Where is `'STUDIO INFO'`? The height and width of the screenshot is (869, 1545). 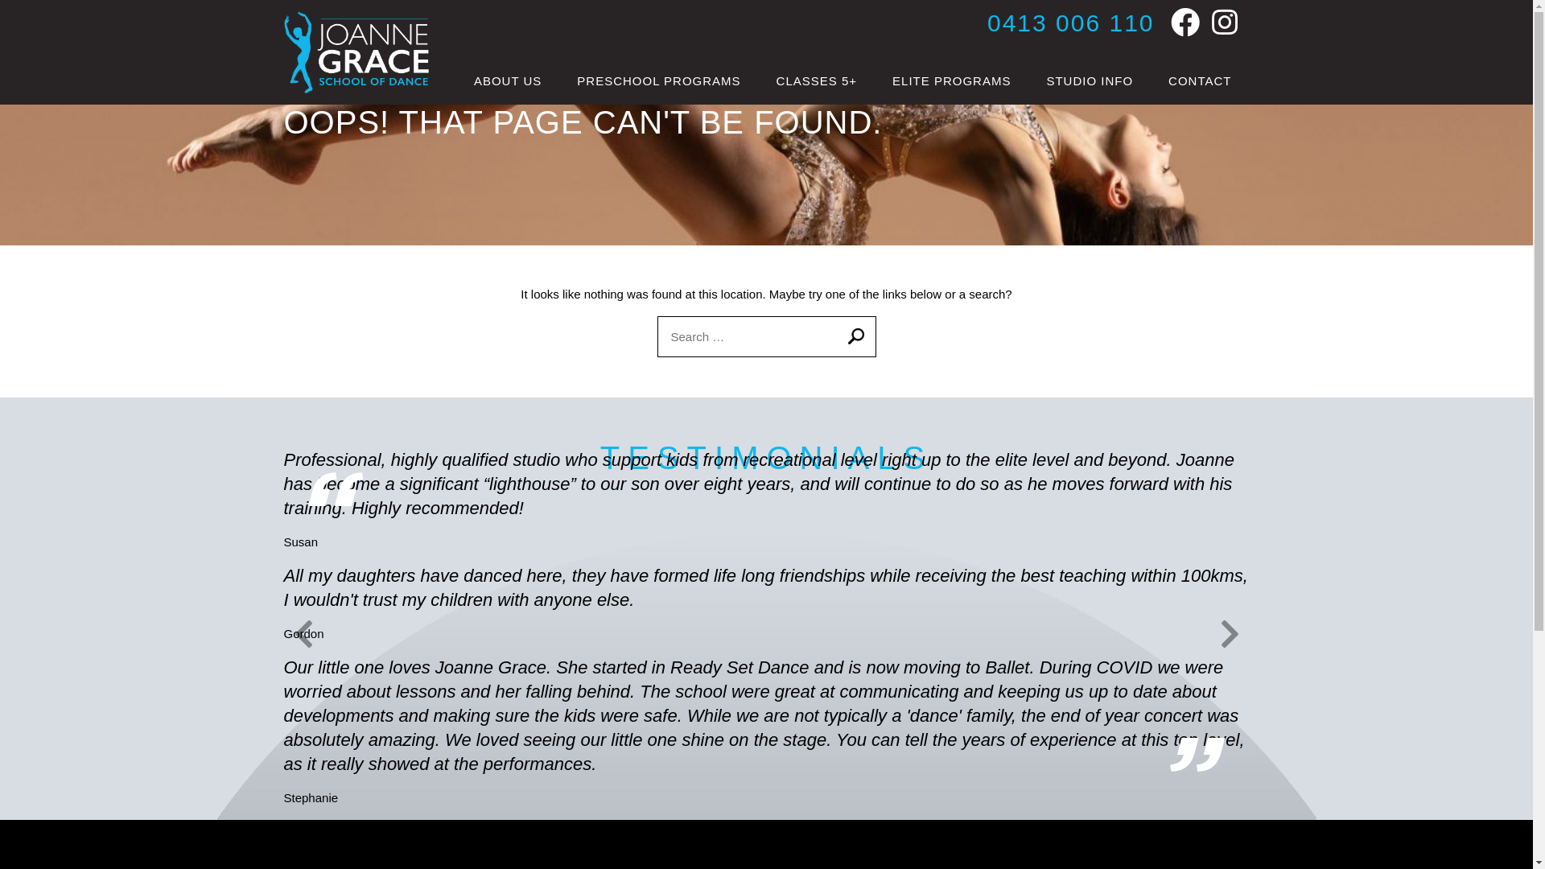
'STUDIO INFO' is located at coordinates (1089, 80).